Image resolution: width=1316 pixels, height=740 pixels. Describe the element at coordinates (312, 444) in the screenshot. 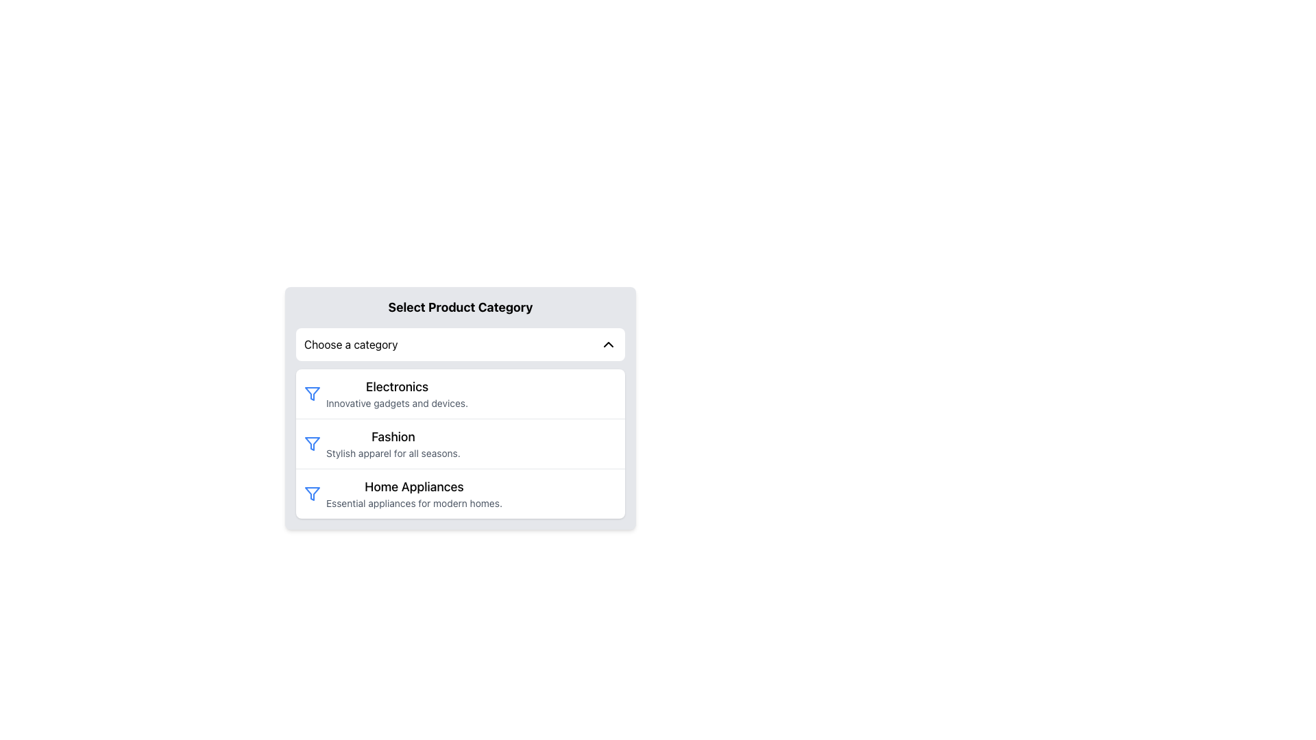

I see `the blue filter icon, which is a triangular funnel shape located to the left of the 'Electronics' text in the 'Select Product Category' interface` at that location.